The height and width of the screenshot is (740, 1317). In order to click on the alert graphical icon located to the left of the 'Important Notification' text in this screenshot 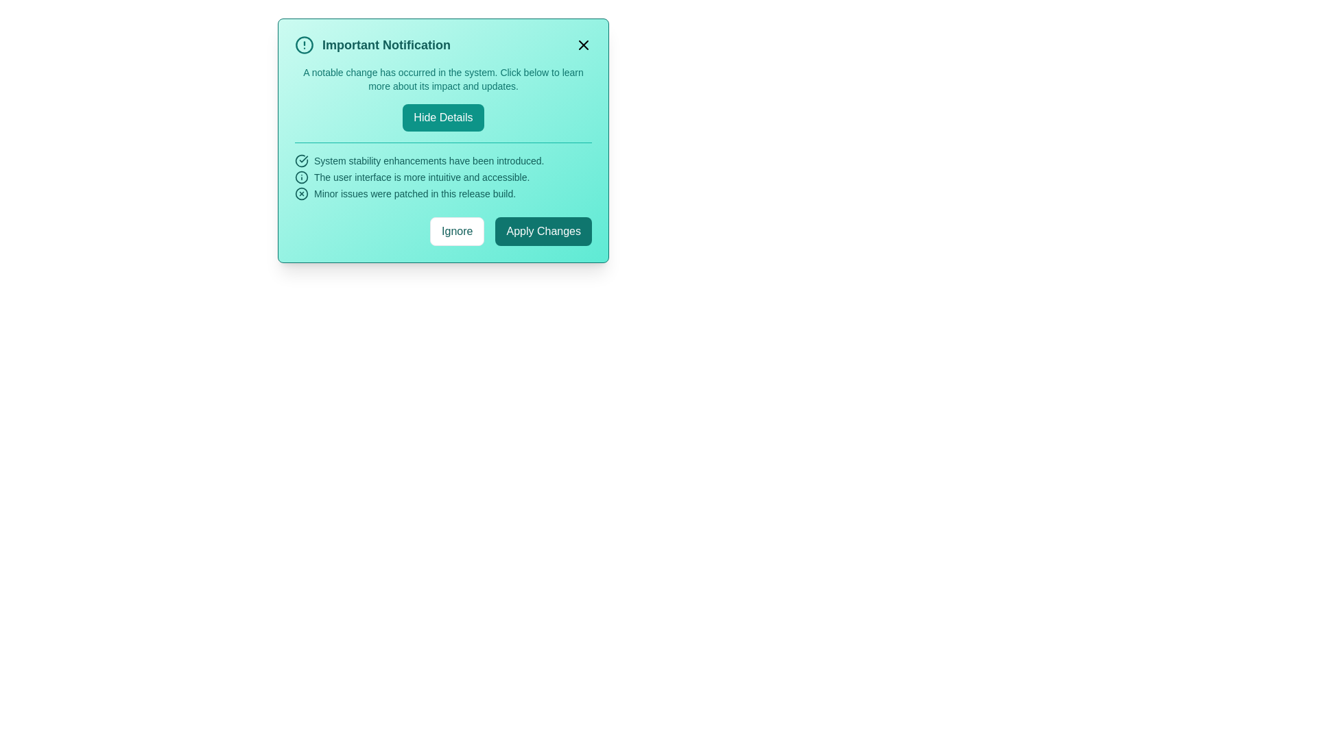, I will do `click(304, 44)`.